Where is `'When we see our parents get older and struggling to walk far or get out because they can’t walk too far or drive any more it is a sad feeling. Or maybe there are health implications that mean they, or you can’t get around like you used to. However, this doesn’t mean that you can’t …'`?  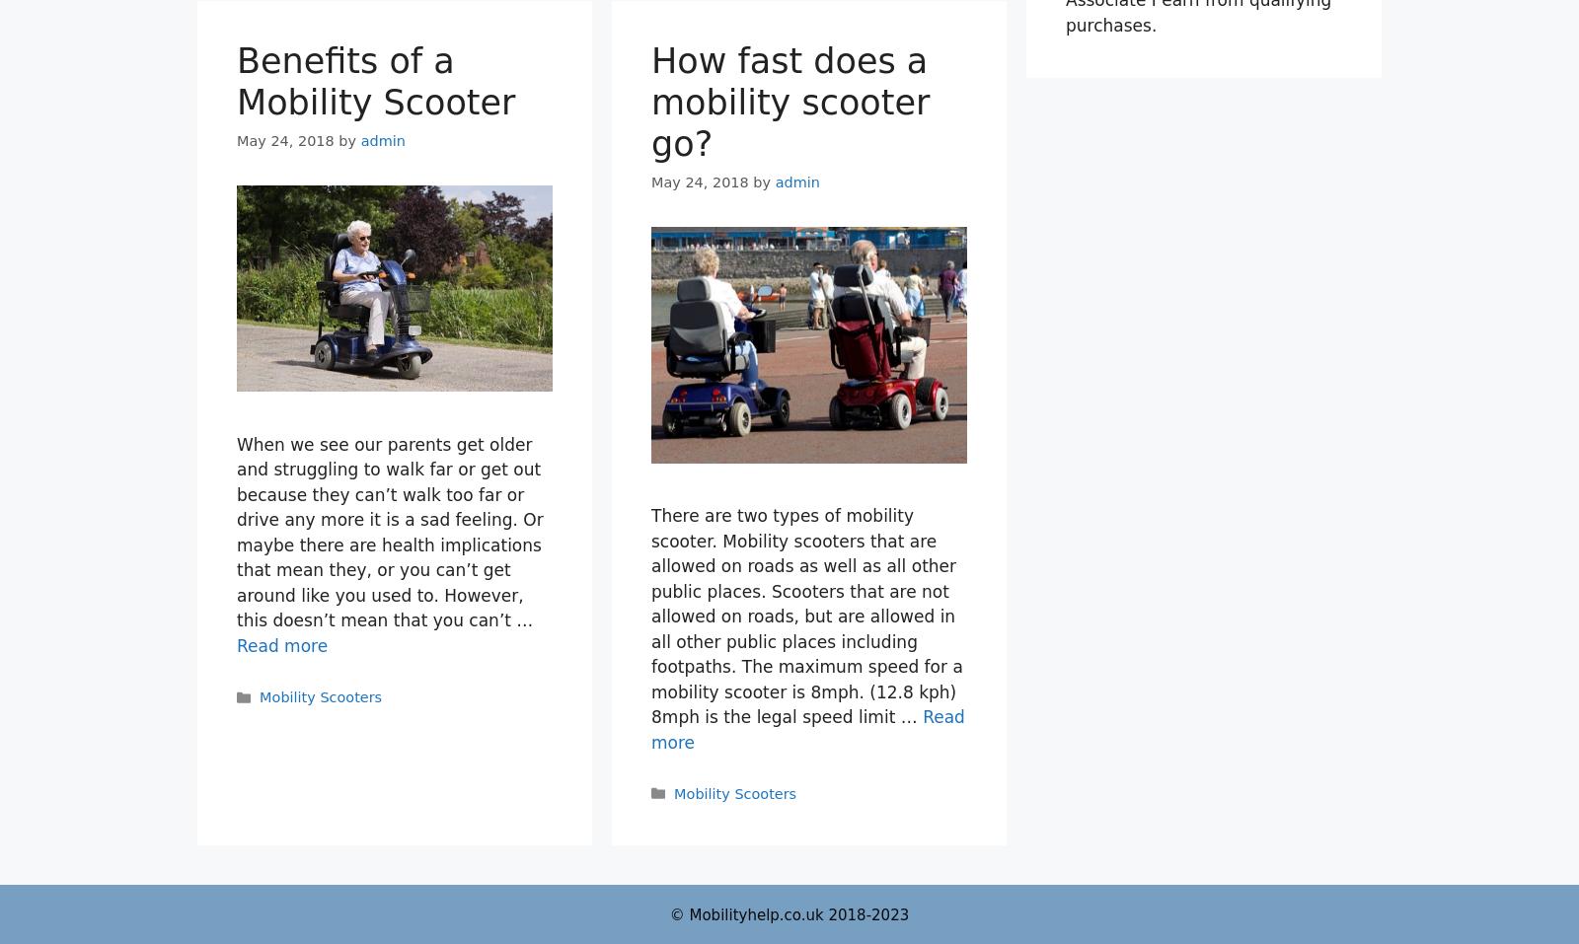
'When we see our parents get older and struggling to walk far or get out because they can’t walk too far or drive any more it is a sad feeling. Or maybe there are health implications that mean they, or you can’t get around like you used to. However, this doesn’t mean that you can’t …' is located at coordinates (390, 532).